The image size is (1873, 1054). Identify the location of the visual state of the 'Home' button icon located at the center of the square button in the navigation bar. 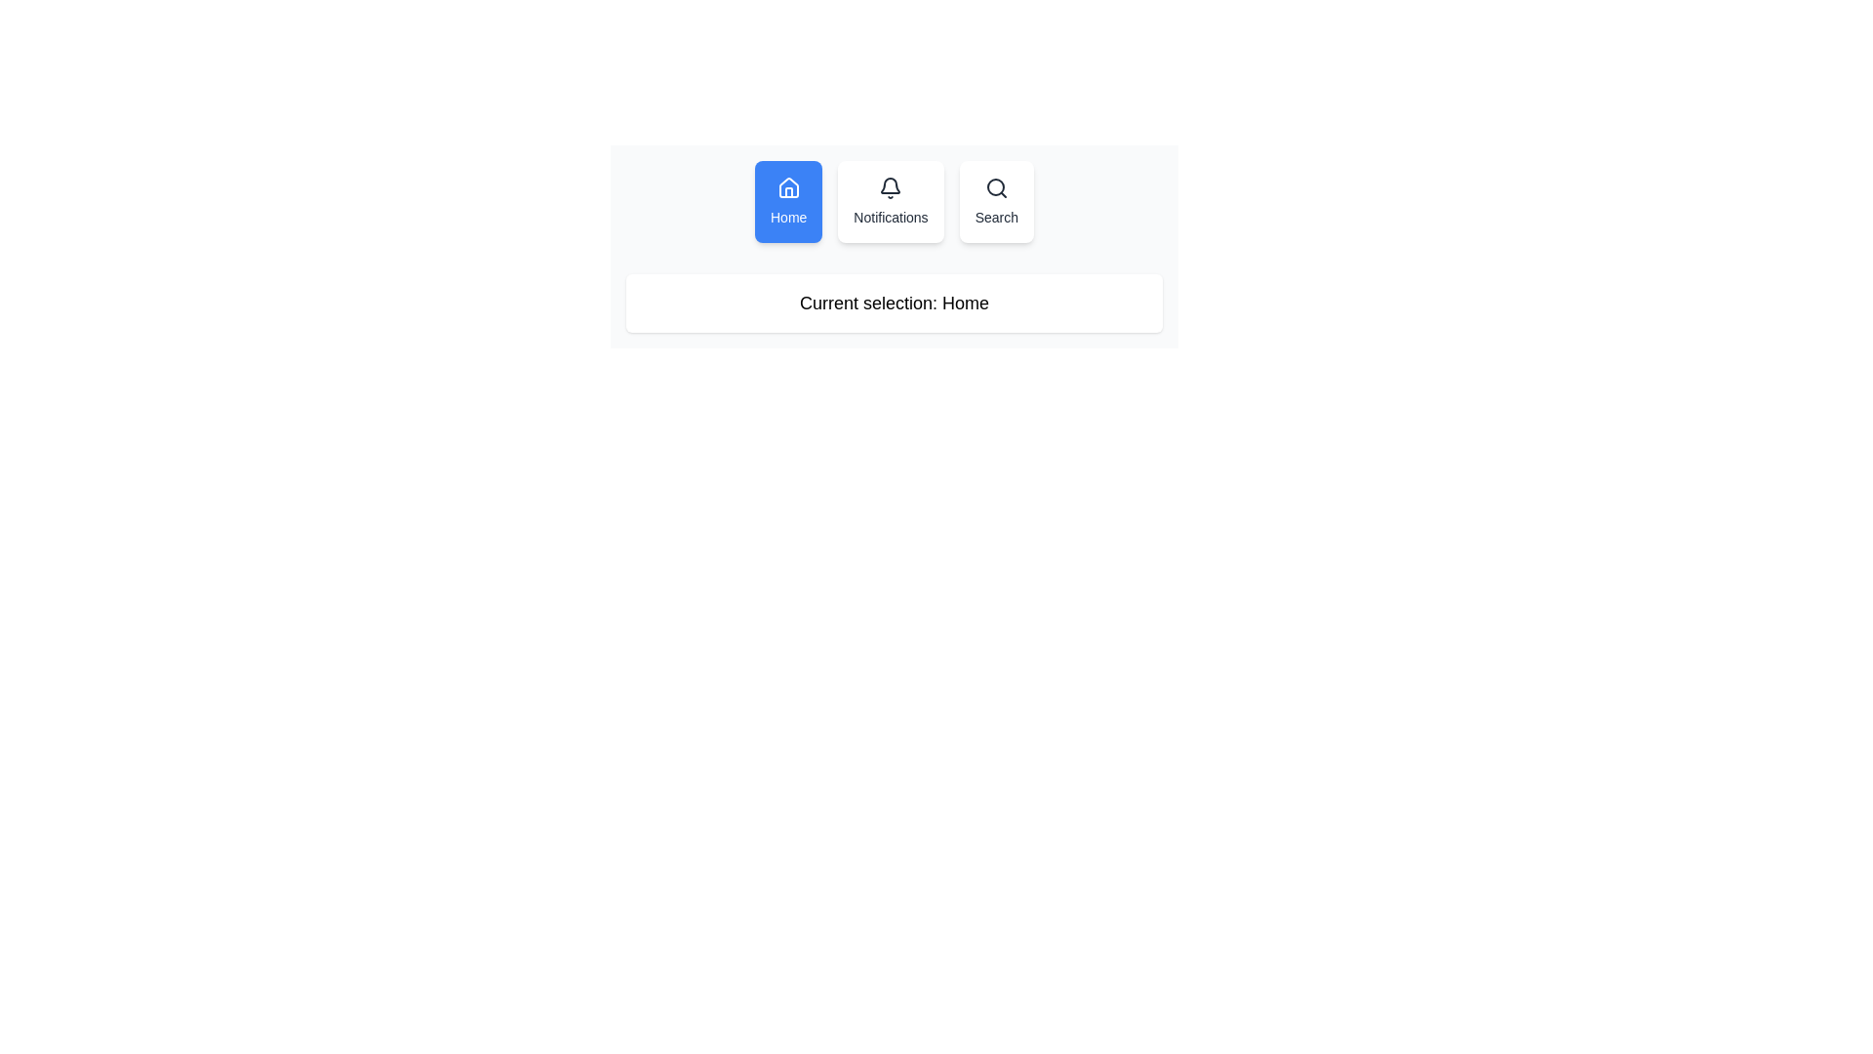
(788, 187).